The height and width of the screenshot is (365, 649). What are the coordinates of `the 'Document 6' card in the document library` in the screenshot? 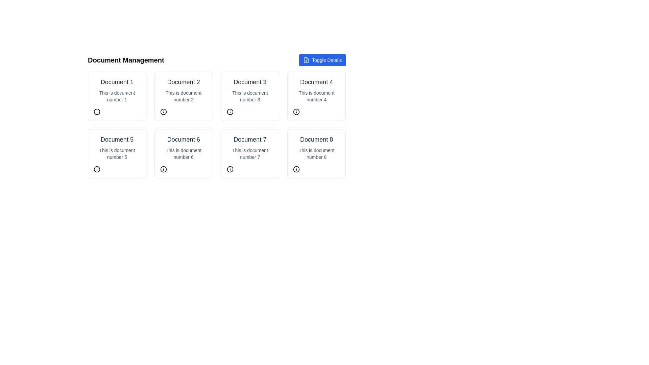 It's located at (183, 154).